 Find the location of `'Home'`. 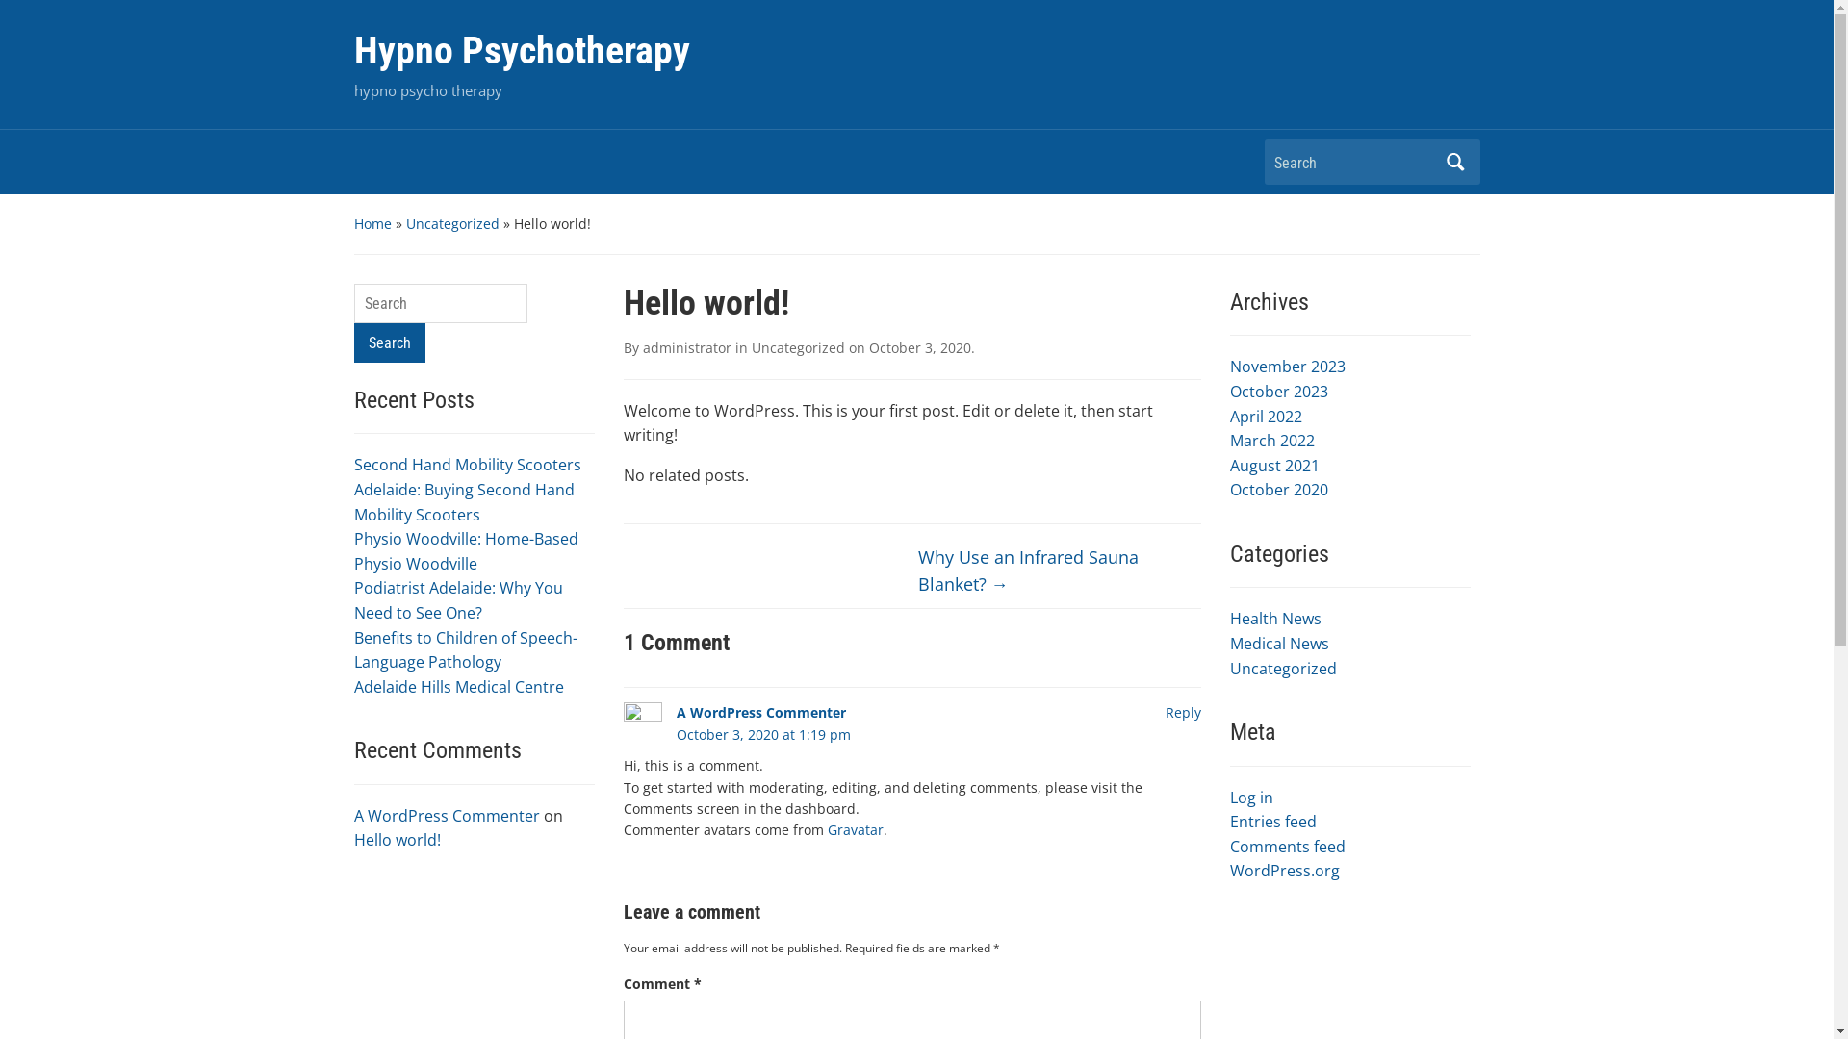

'Home' is located at coordinates (372, 222).